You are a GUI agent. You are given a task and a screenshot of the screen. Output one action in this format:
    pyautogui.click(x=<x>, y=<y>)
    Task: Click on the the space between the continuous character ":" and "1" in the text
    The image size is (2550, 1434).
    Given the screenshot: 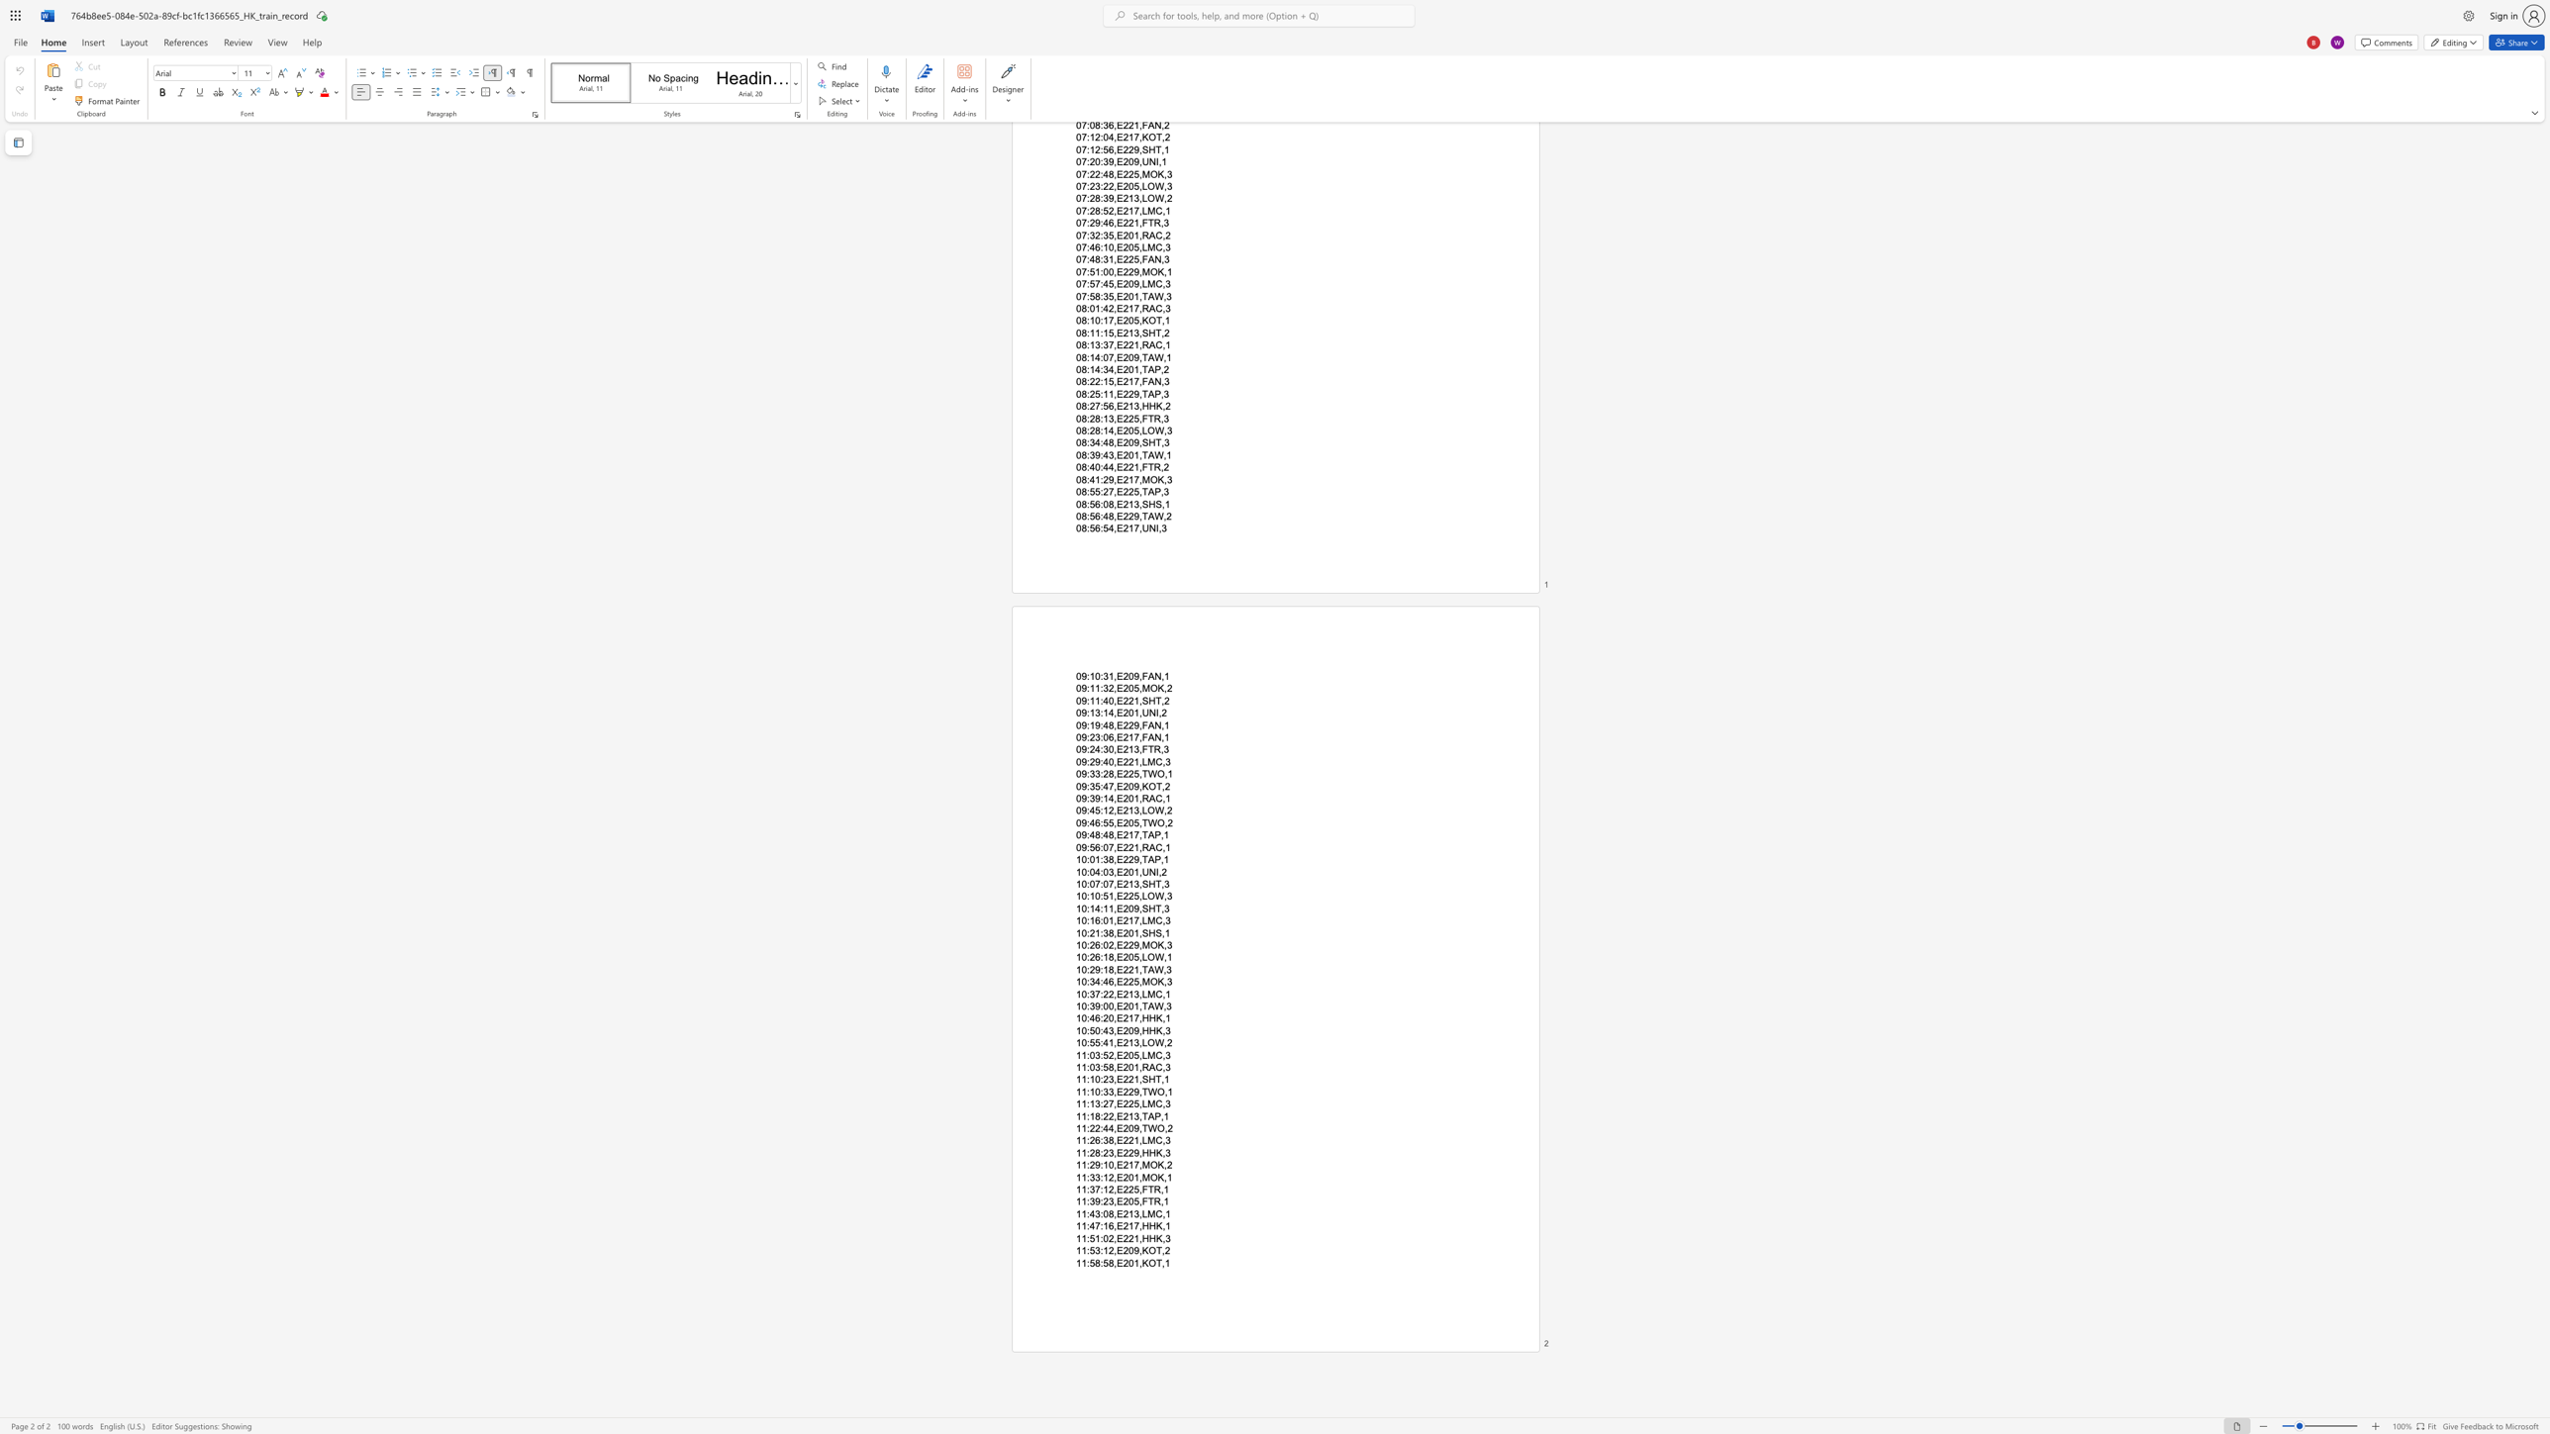 What is the action you would take?
    pyautogui.click(x=1104, y=1251)
    